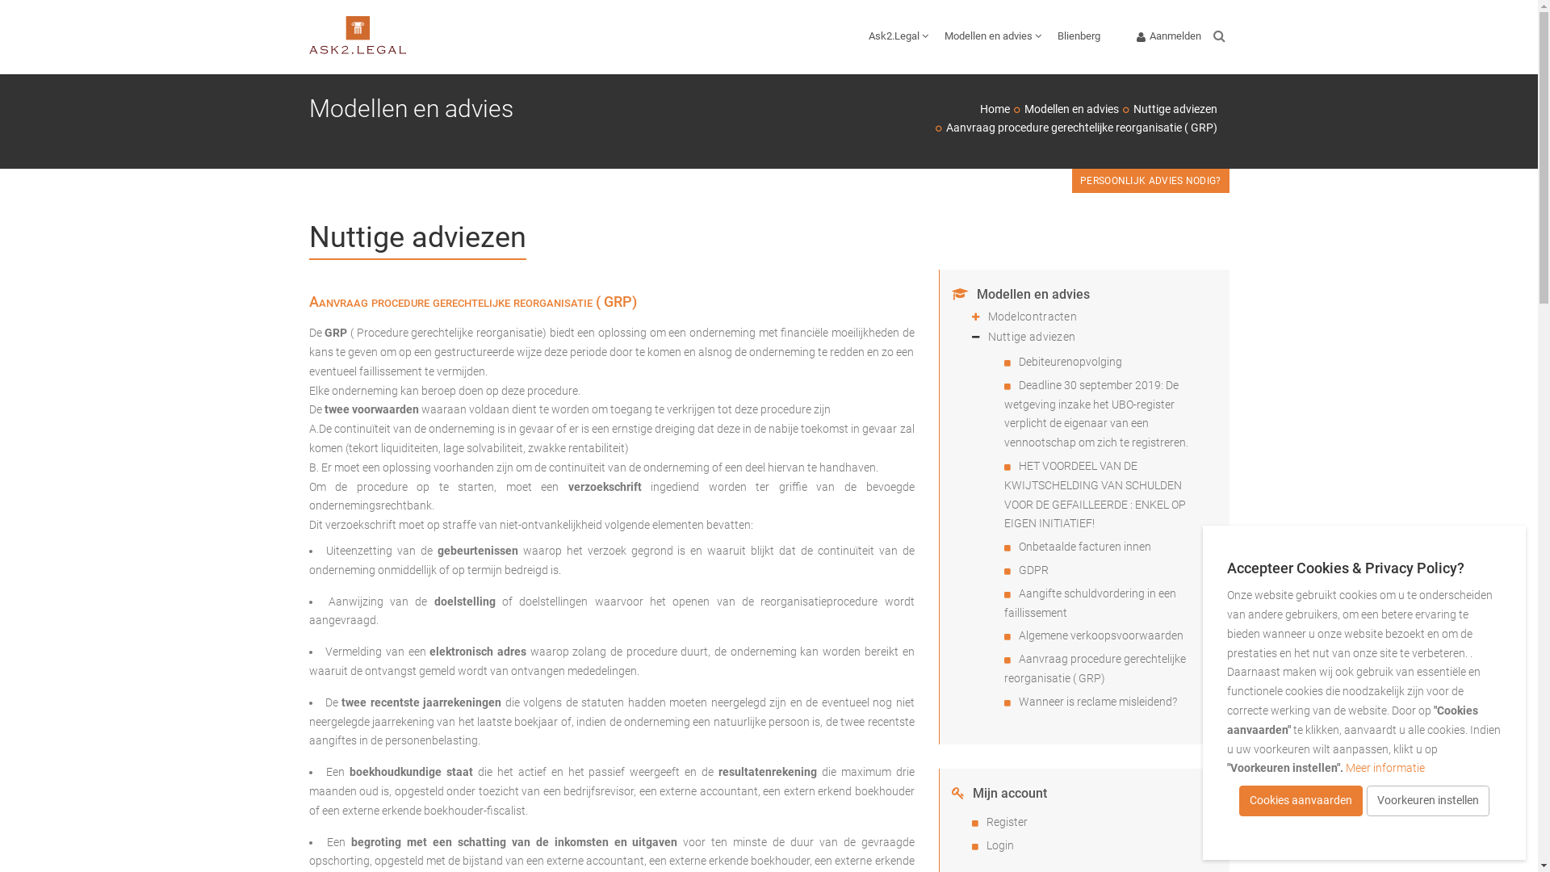  What do you see at coordinates (1090, 603) in the screenshot?
I see `'Aangifte schuldvordering in een faillissement'` at bounding box center [1090, 603].